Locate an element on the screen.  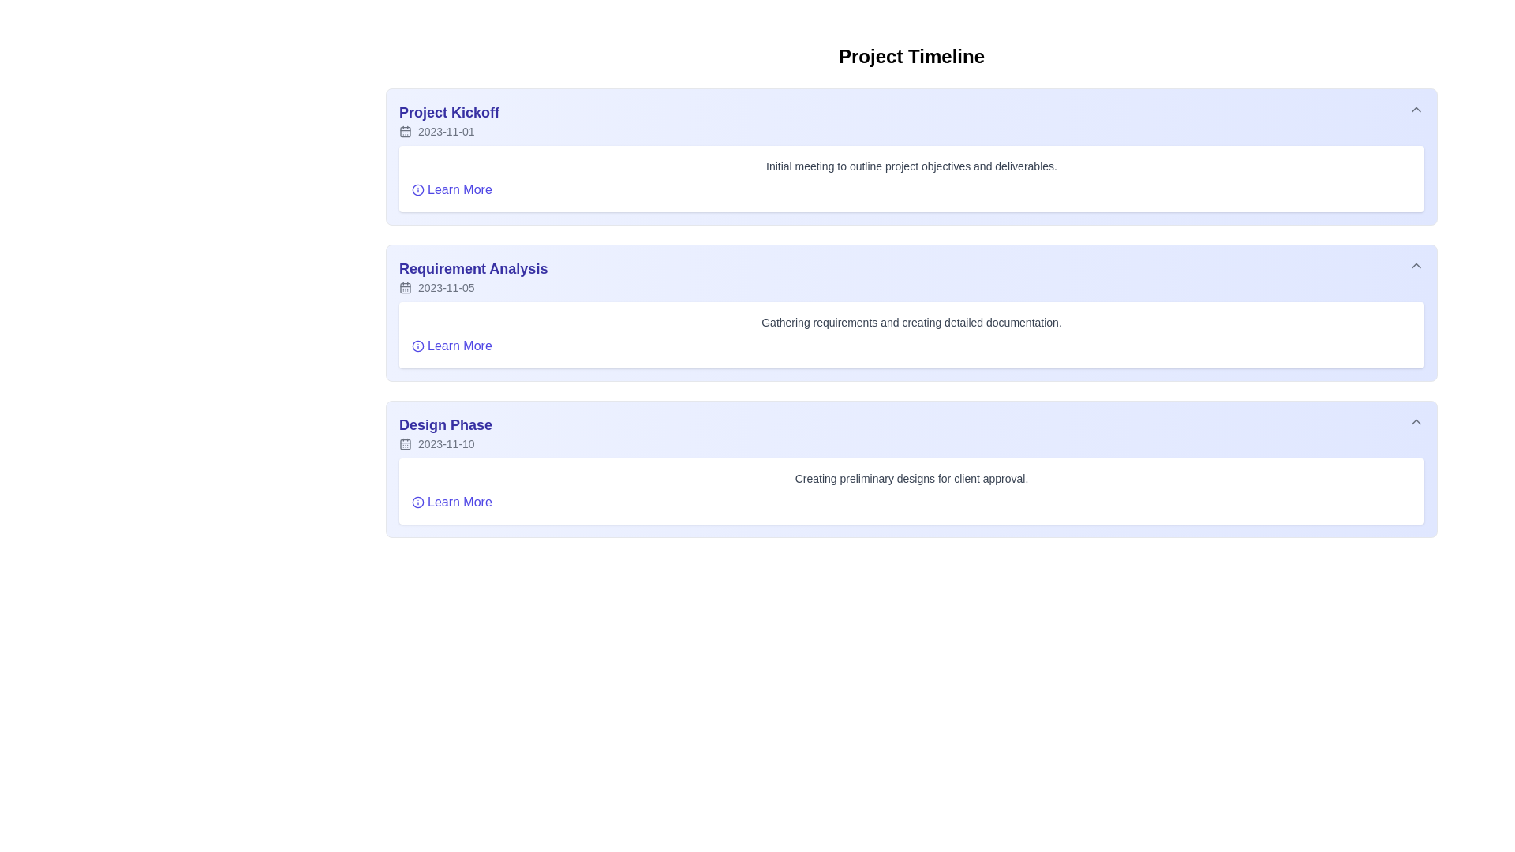
the Text Label that provides a description for the 'Requirement Analysis' section, located below the section heading and date, and above the 'Learn More' link is located at coordinates (911, 321).